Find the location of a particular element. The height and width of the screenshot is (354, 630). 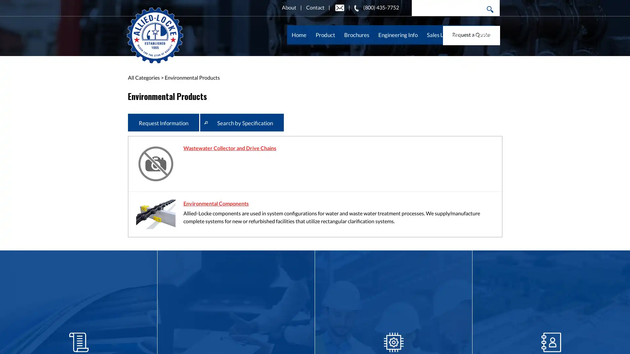

Search by Specification is located at coordinates (241, 122).